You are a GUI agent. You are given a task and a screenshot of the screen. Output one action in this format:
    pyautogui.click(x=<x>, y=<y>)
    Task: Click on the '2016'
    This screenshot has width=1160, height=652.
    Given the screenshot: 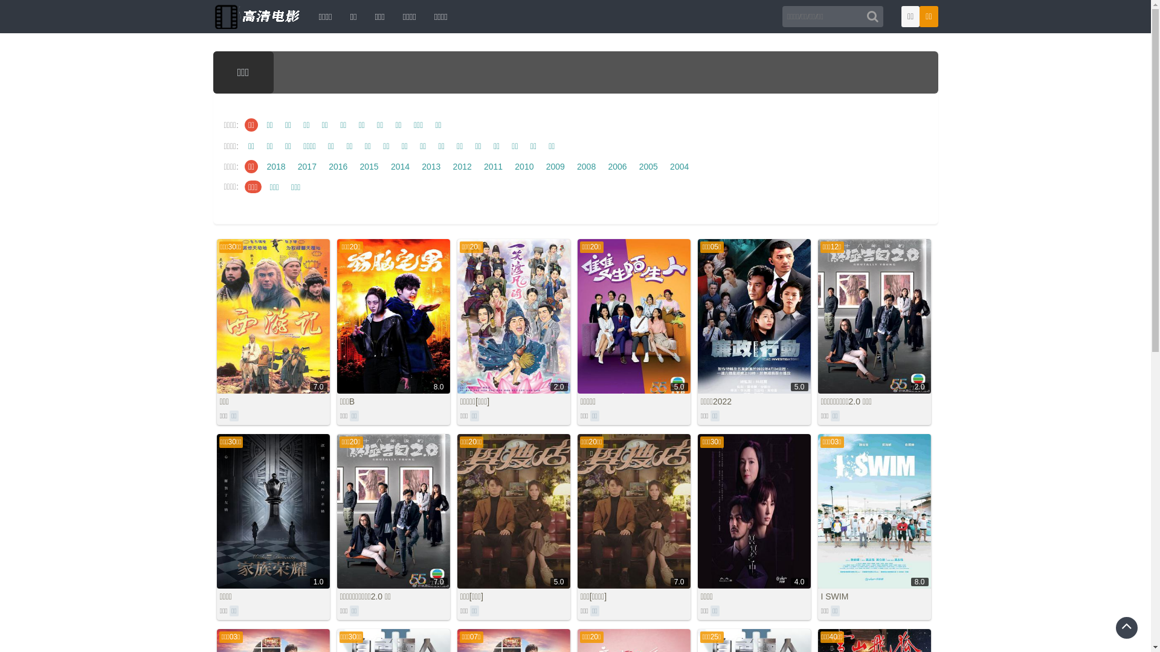 What is the action you would take?
    pyautogui.click(x=338, y=167)
    